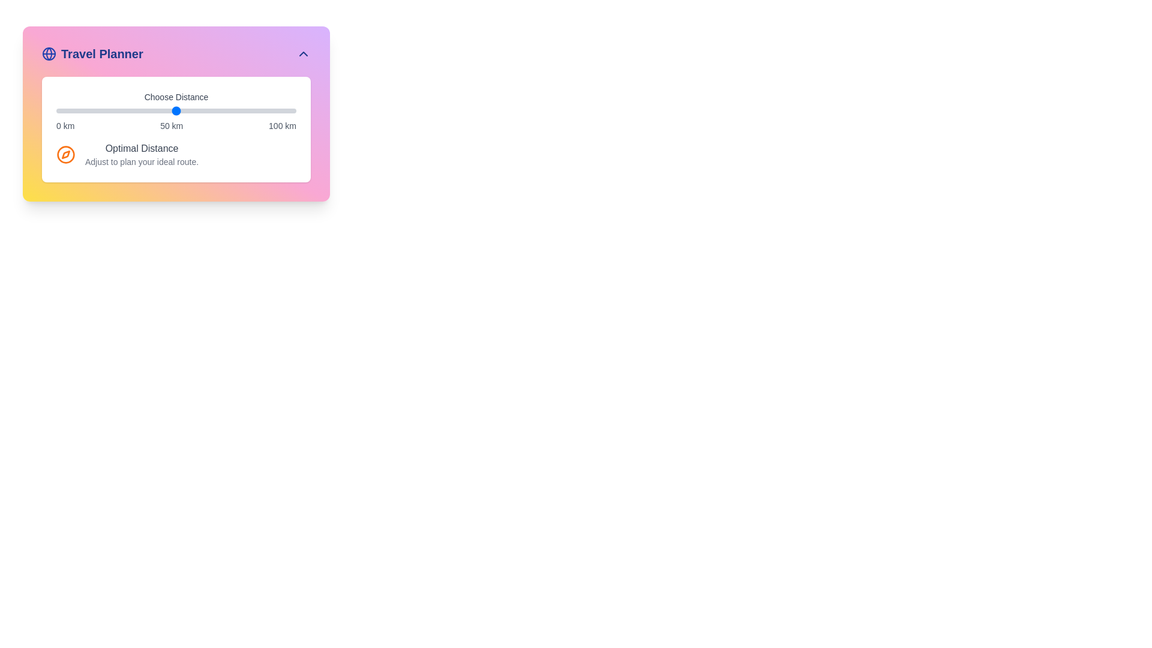  Describe the element at coordinates (171, 125) in the screenshot. I see `the text label displaying '50 km', which is styled in a small gray font and located centrally beneath a slider bar between '0 km' and '100 km'` at that location.